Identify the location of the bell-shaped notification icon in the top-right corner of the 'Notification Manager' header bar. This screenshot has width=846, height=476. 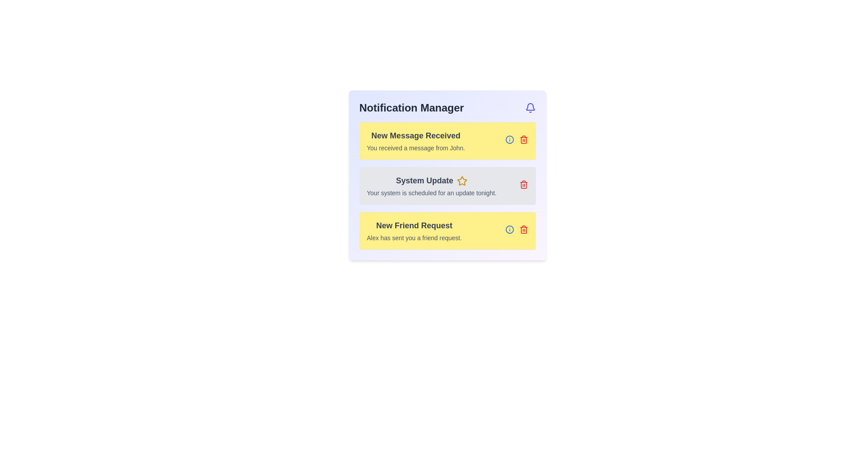
(530, 108).